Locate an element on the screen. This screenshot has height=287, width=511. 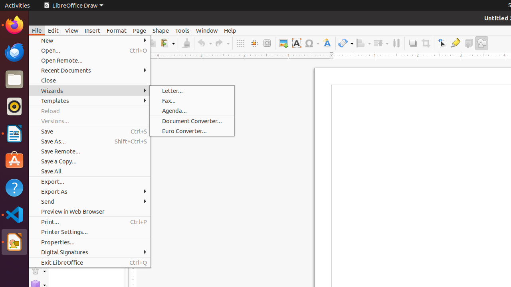
'Fontwork Style' is located at coordinates (327, 43).